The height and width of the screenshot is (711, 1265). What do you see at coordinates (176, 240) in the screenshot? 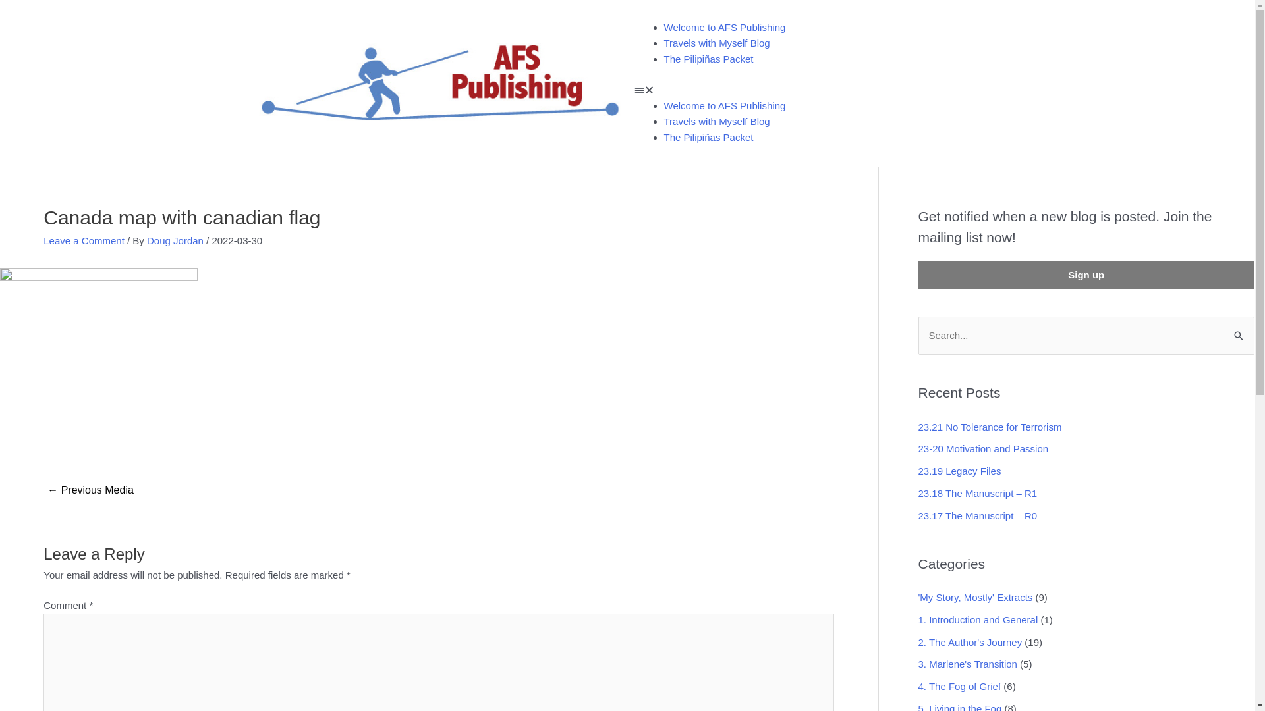
I see `'Doug Jordan'` at bounding box center [176, 240].